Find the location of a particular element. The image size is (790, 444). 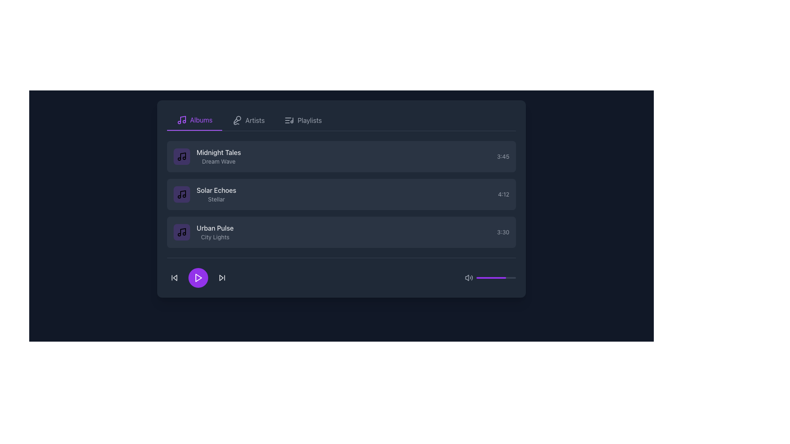

the small circular SVG element within the 'Artists' tab icon, which is surrounded by 'Albums' on the left and 'Playlists' on the right is located at coordinates (238, 118).